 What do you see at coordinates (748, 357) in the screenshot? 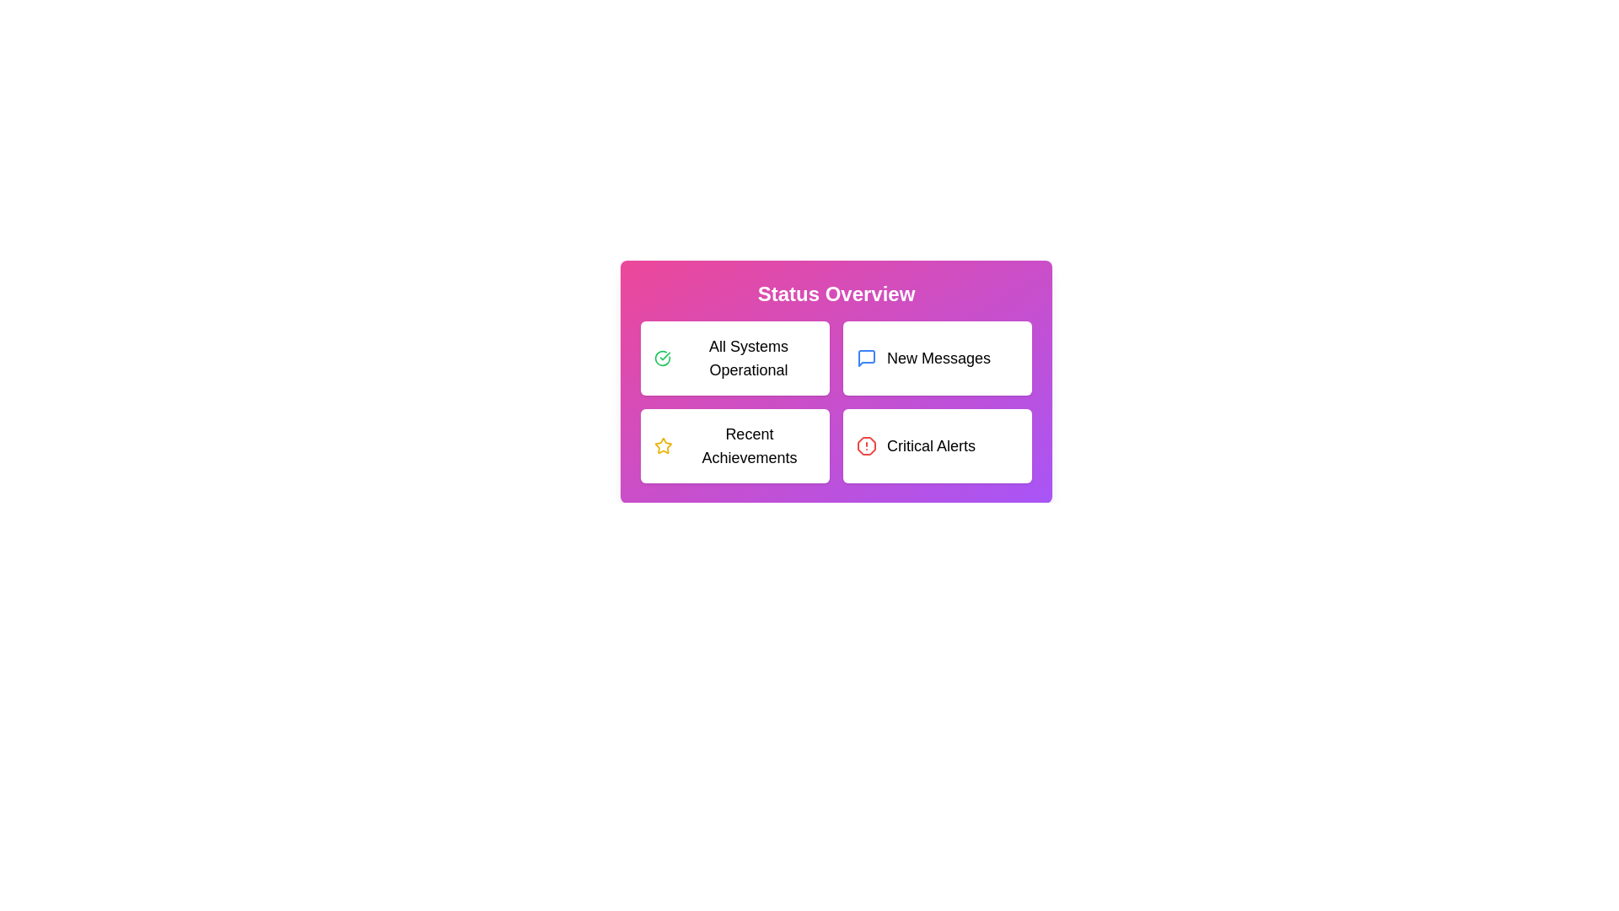
I see `the label displaying 'All Systems Operational', which is located in the top left of the 'Status Overview' box, within a 2x2 grid layout` at bounding box center [748, 357].